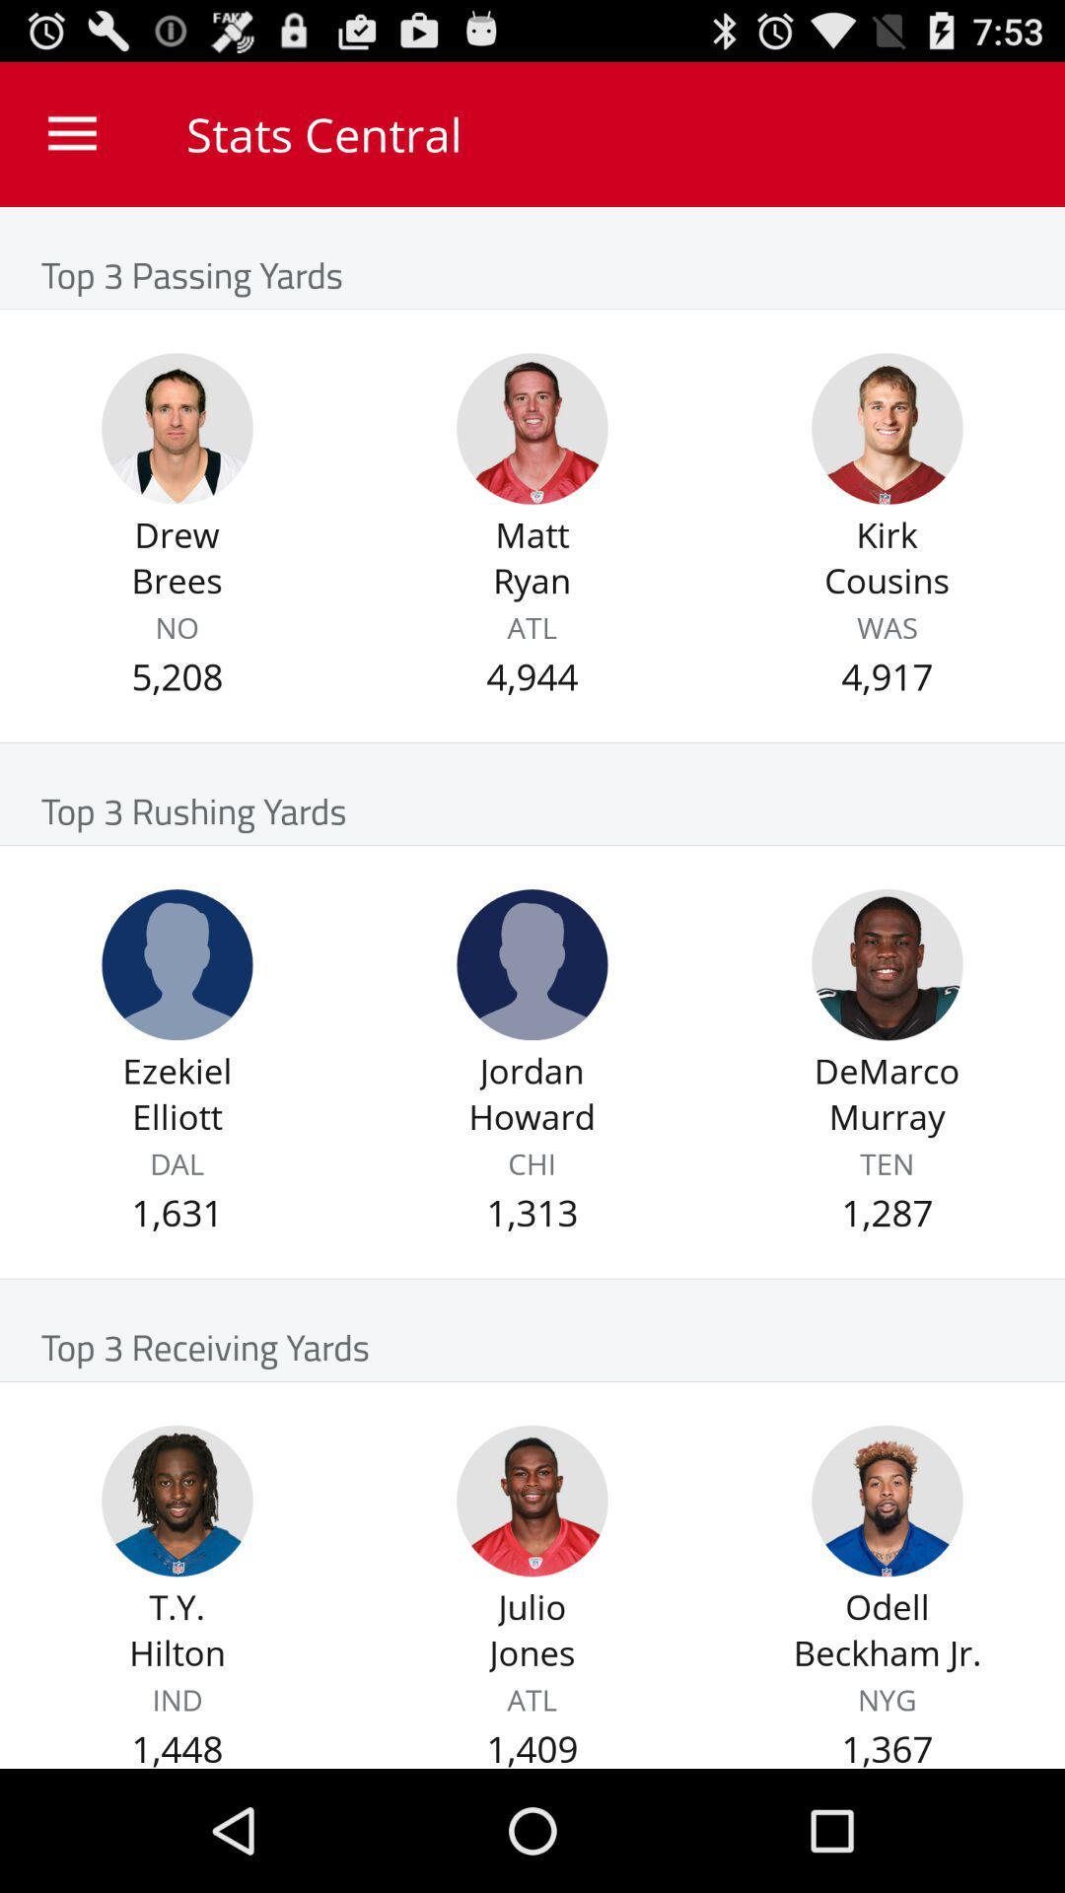 The height and width of the screenshot is (1893, 1065). Describe the element at coordinates (532, 1500) in the screenshot. I see `see julio jones profile` at that location.